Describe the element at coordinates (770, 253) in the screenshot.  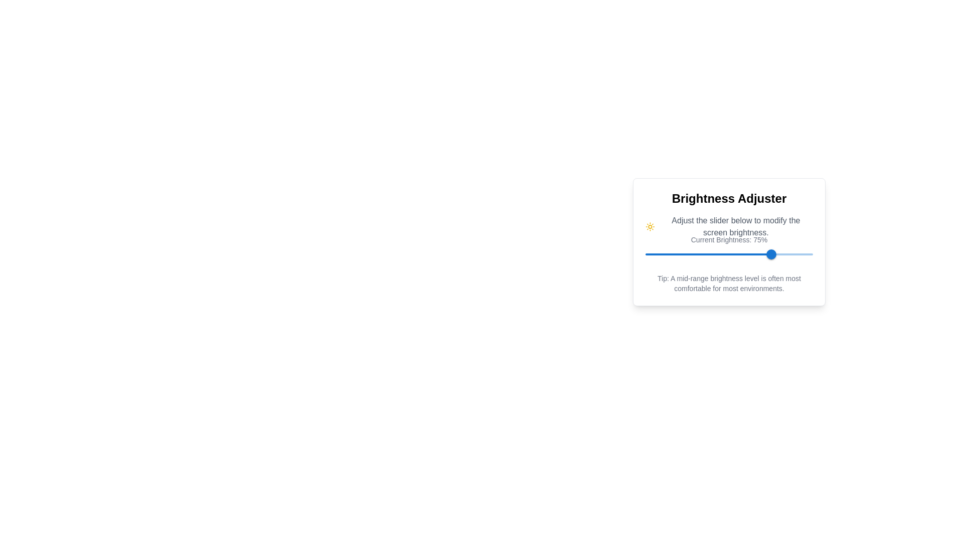
I see `the blue circular slider thumb located at 75% along the horizontal track beneath the label 'Current Brightness: 75%'` at that location.